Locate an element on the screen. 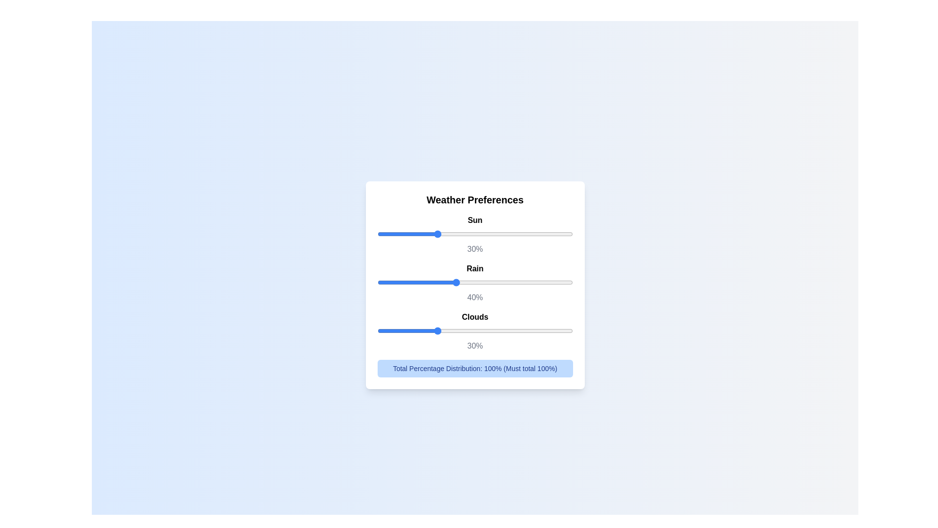  the 'Rain' slider to 47% is located at coordinates (469, 282).